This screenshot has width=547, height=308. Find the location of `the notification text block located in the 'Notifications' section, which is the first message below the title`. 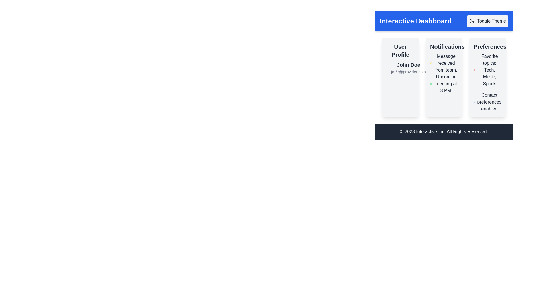

the notification text block located in the 'Notifications' section, which is the first message below the title is located at coordinates (444, 63).